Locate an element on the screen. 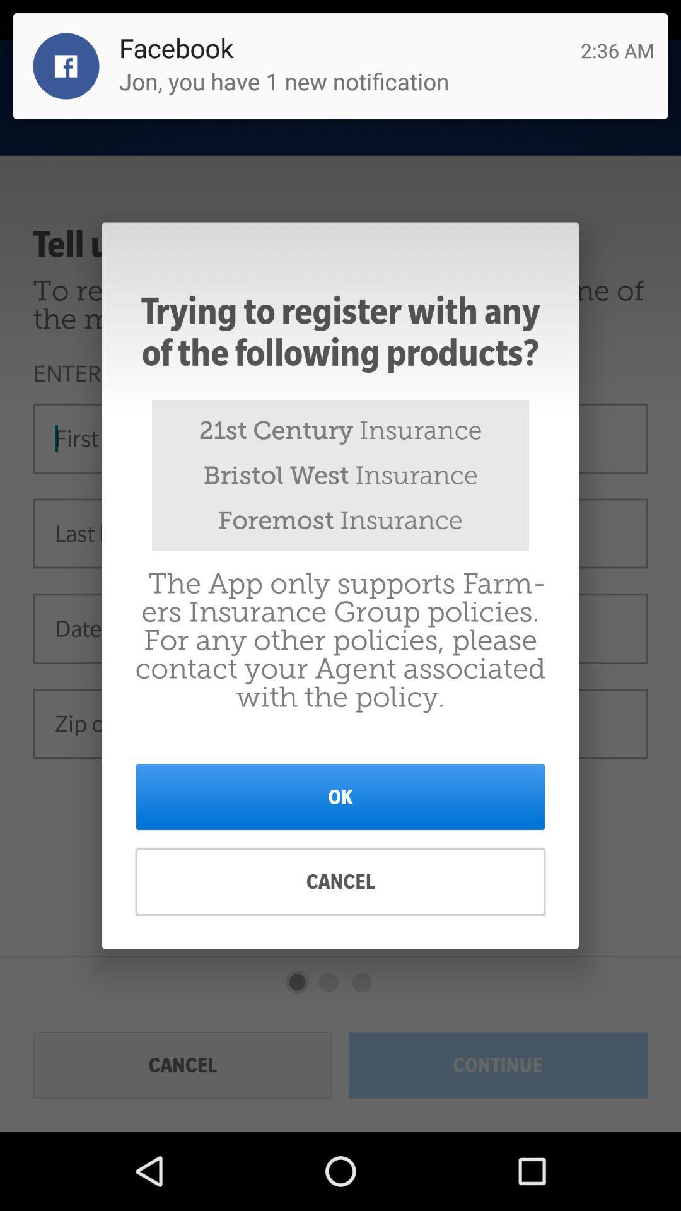  cancel is located at coordinates (340, 880).